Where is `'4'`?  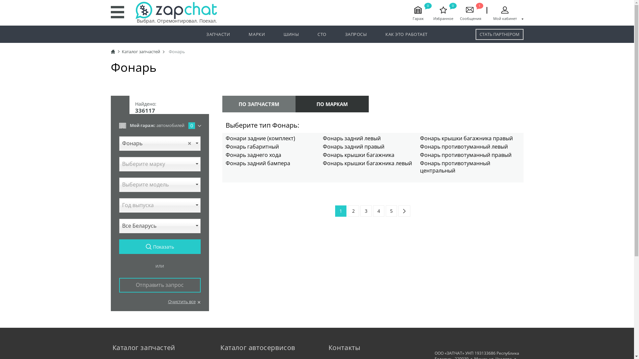 '4' is located at coordinates (373, 211).